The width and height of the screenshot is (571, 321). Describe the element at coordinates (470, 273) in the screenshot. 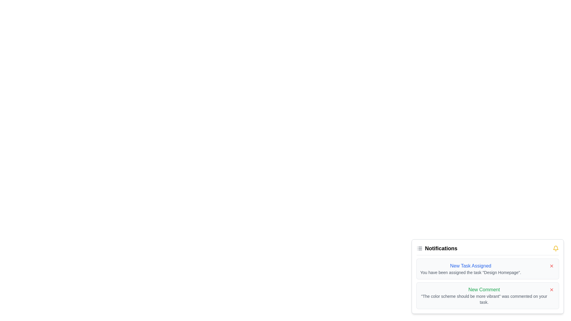

I see `the text snippet styled with a small font size and gray color reading 'You have been assigned the task "Design Homepage"', located under the heading 'New Task Assigned' in the notification-style card` at that location.